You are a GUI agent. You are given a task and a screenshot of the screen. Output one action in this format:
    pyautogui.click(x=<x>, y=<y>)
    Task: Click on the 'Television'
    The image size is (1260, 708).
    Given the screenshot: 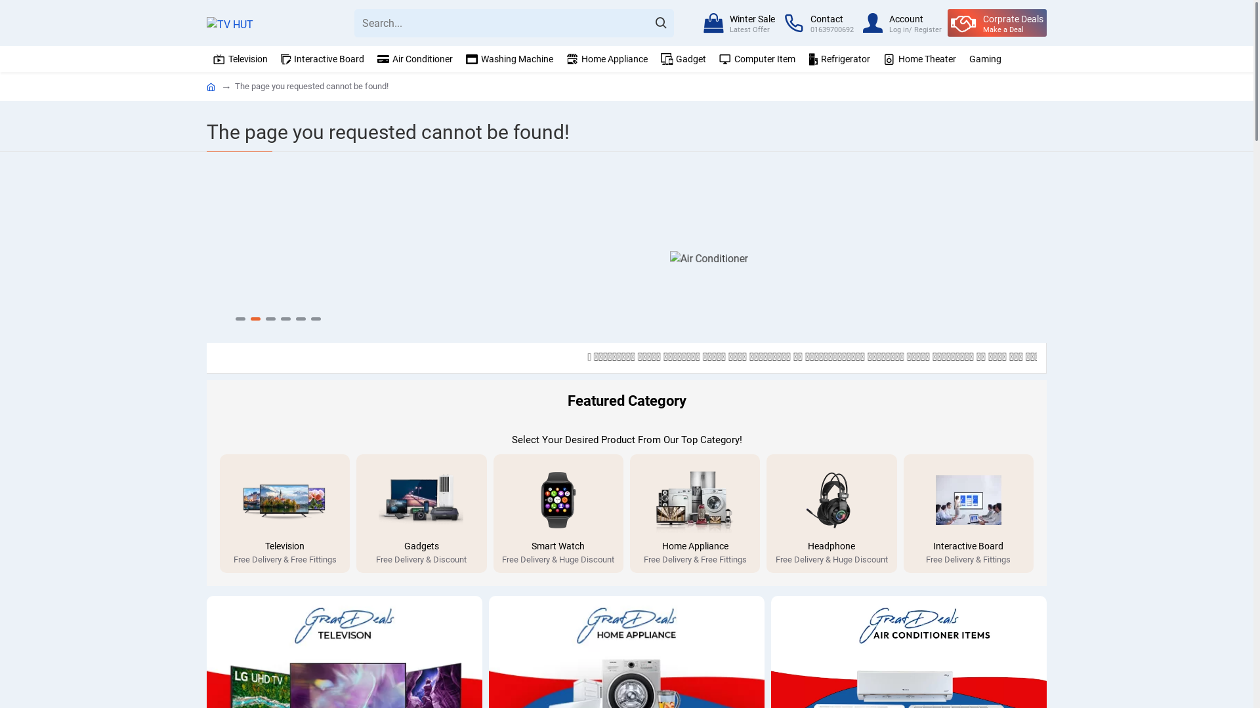 What is the action you would take?
    pyautogui.click(x=206, y=58)
    